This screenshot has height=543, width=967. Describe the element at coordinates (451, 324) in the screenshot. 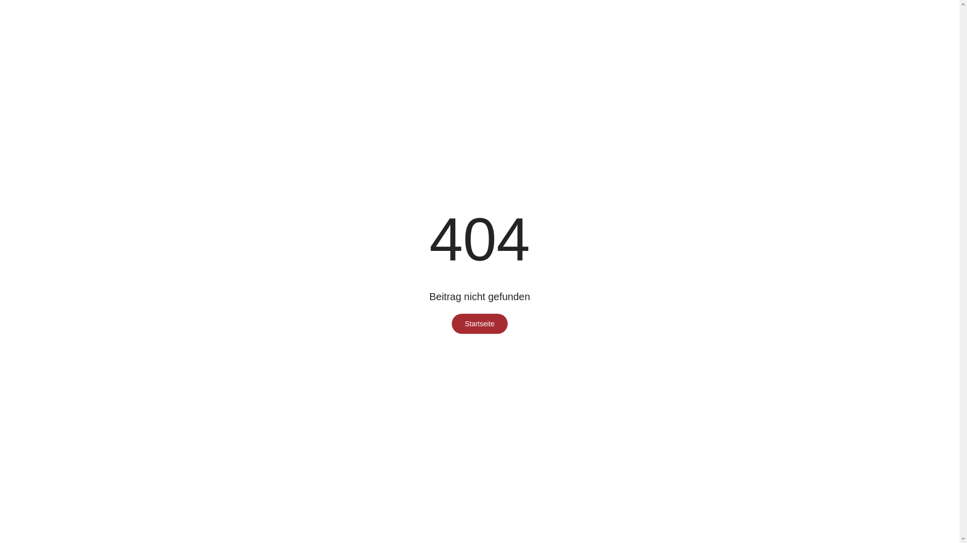

I see `'Startseite'` at that location.